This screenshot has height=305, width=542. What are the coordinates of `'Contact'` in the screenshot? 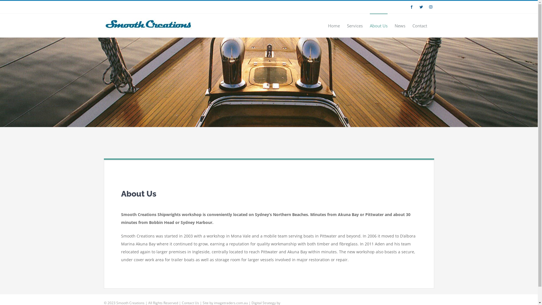 It's located at (419, 25).